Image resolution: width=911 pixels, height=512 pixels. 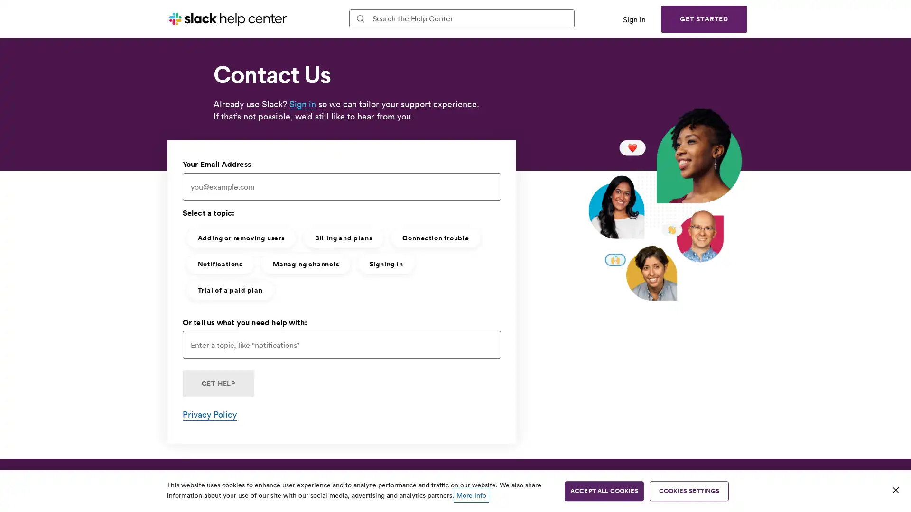 What do you see at coordinates (343, 237) in the screenshot?
I see `Billing and plans` at bounding box center [343, 237].